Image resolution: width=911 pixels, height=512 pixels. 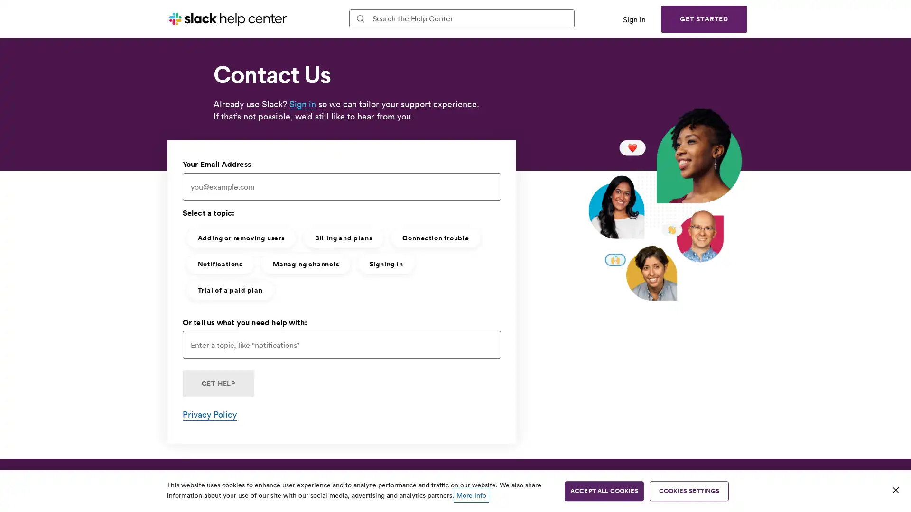 What do you see at coordinates (343, 237) in the screenshot?
I see `Billing and plans` at bounding box center [343, 237].